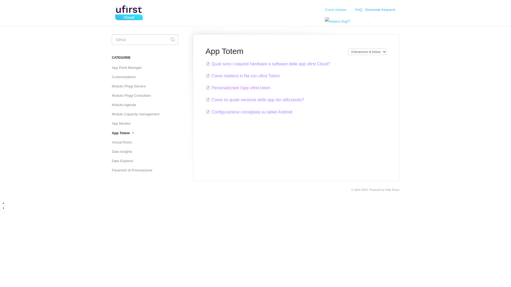 This screenshot has width=511, height=287. Describe the element at coordinates (126, 105) in the screenshot. I see `'Modulo Agenda'` at that location.